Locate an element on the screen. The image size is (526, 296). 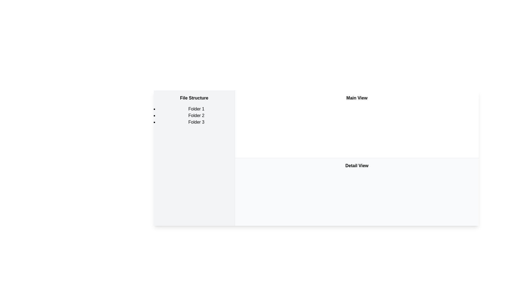
text content of the rectangular section with a white background labeled 'Detail View', located beneath the 'Main View' section is located at coordinates (357, 192).